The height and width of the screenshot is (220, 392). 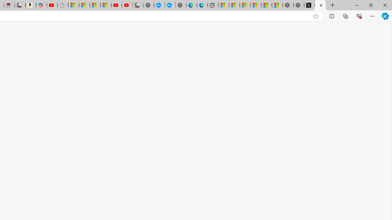 I want to click on 'Gloom - YouTube', so click(x=116, y=5).